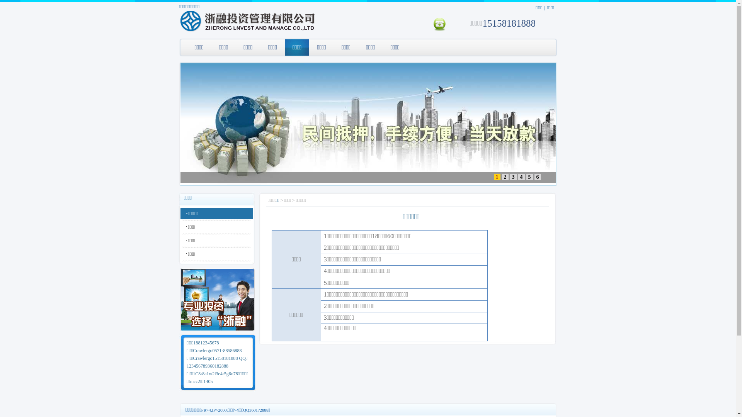 The image size is (742, 417). Describe the element at coordinates (513, 177) in the screenshot. I see `'3'` at that location.